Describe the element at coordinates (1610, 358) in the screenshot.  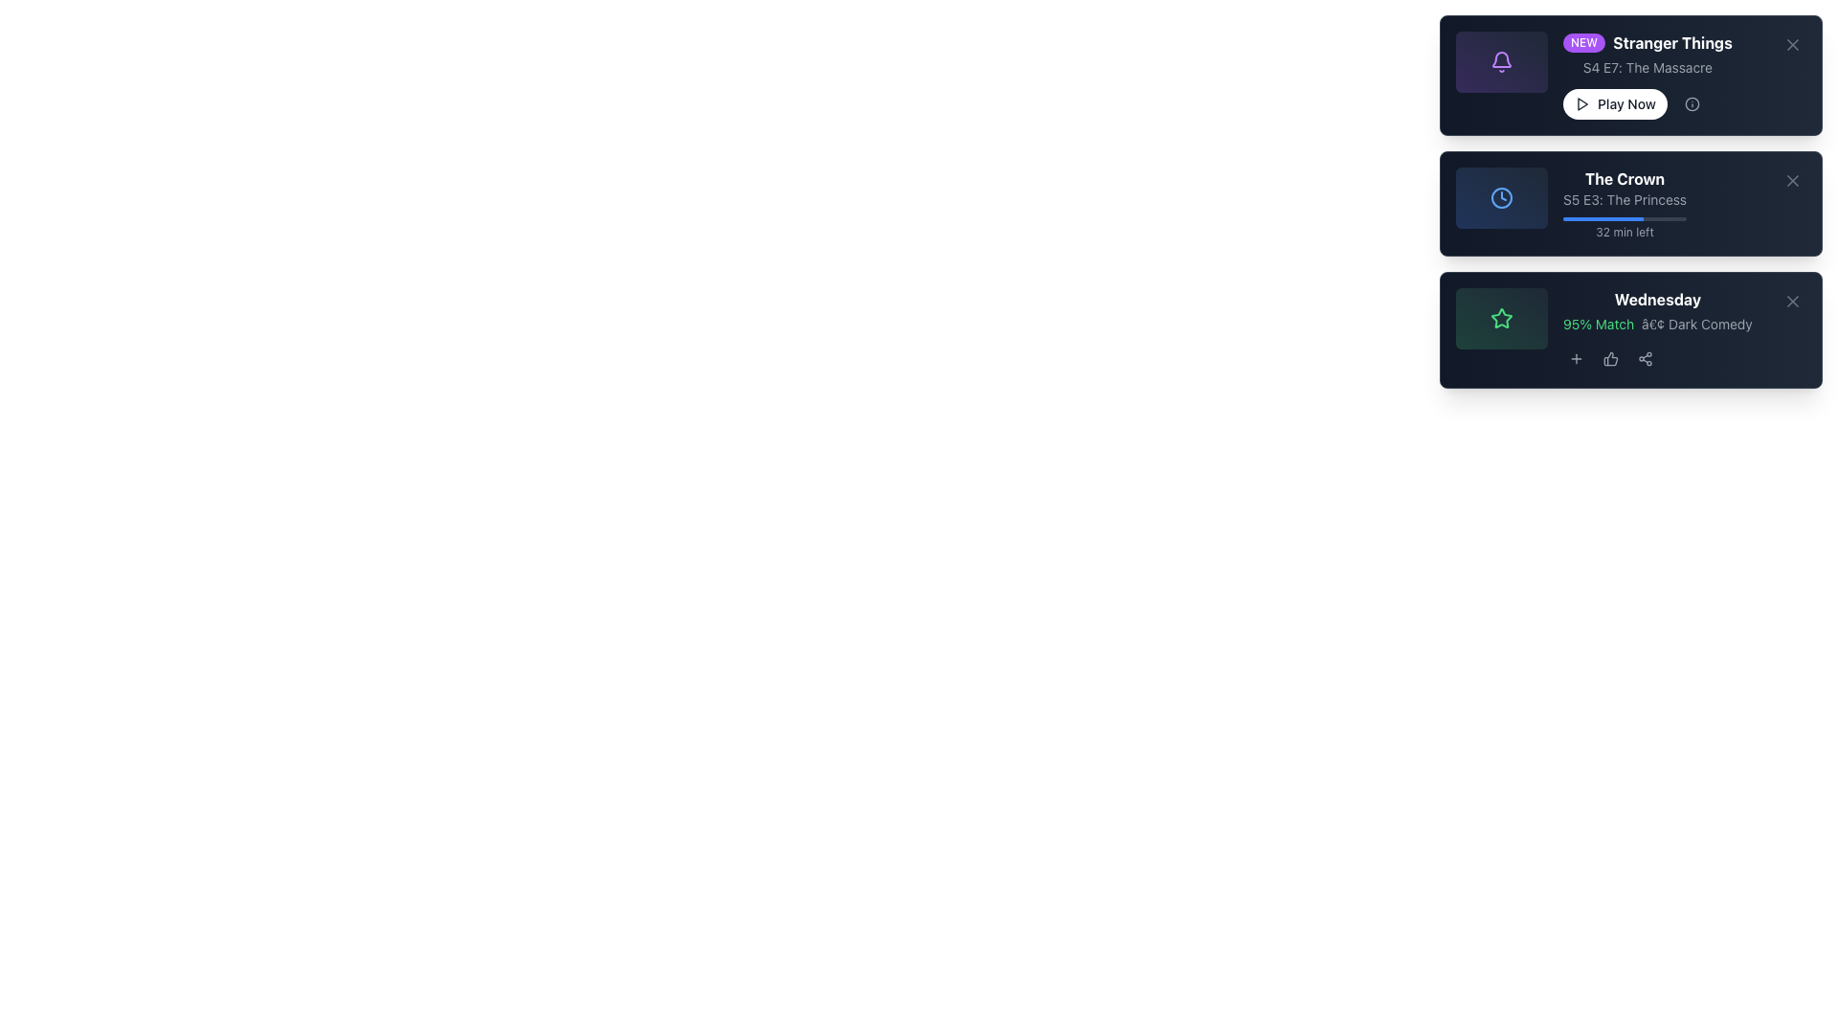
I see `the thumbs-up icon located in the bottom-right corner of the Wednesday card to like` at that location.